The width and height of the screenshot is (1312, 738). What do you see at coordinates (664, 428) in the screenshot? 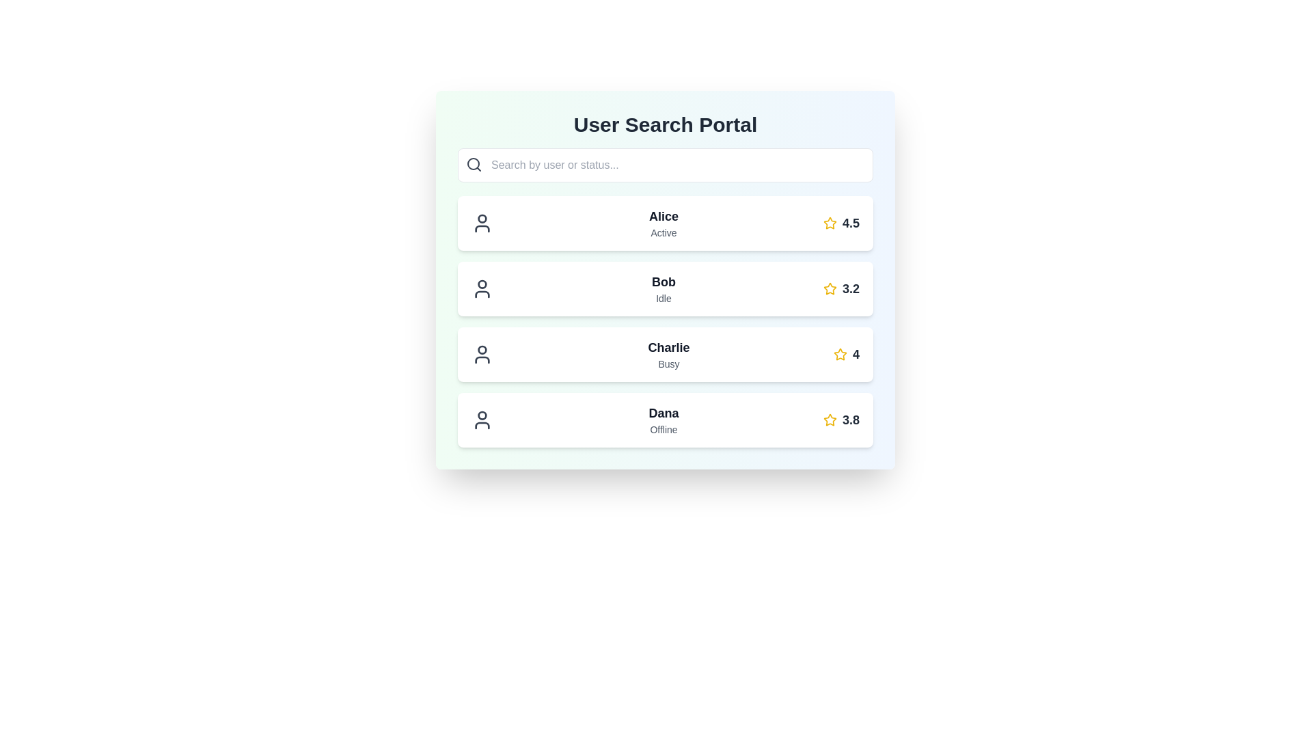
I see `the Text Label indicating that user 'Dana' is currently offline, which is located below the name 'Dana' and to the left of the rating score '3.8' in the fourth user entry` at bounding box center [664, 428].